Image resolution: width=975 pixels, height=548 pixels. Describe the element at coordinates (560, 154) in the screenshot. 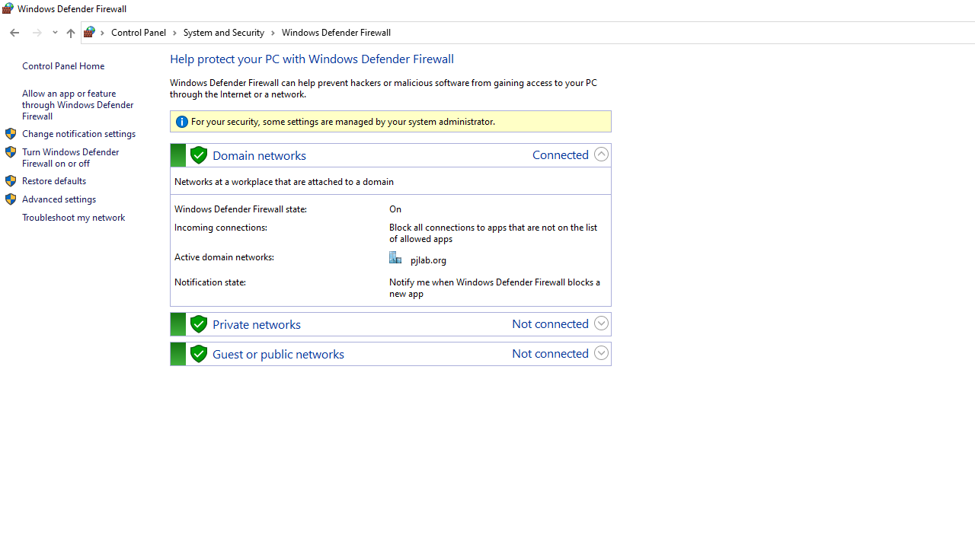

I see `'Connected'` at that location.